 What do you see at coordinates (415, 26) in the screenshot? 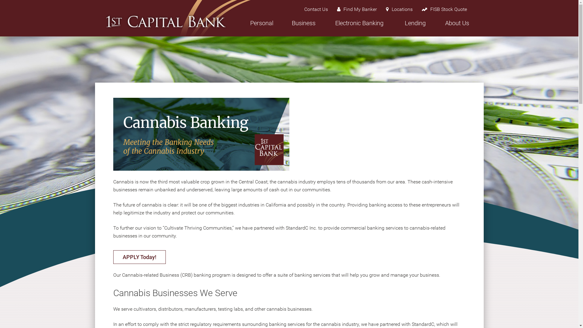
I see `'Lending'` at bounding box center [415, 26].